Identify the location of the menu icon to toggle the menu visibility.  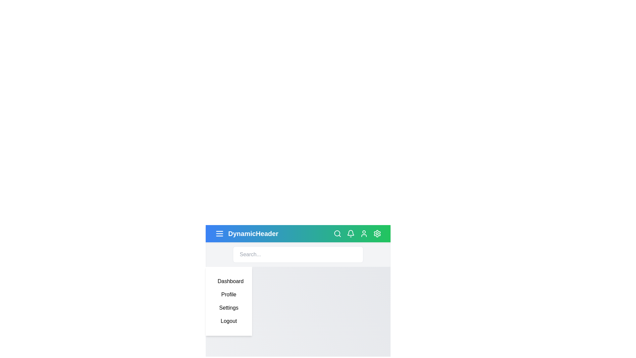
(219, 233).